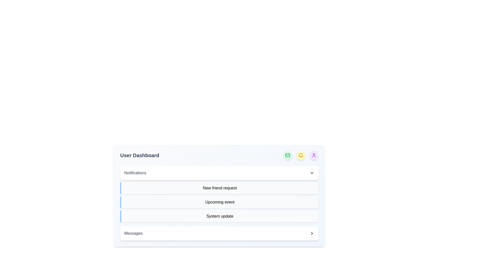 The image size is (485, 272). Describe the element at coordinates (287, 155) in the screenshot. I see `the first circular button with an envelope icon located at the top-right corner of the interface` at that location.